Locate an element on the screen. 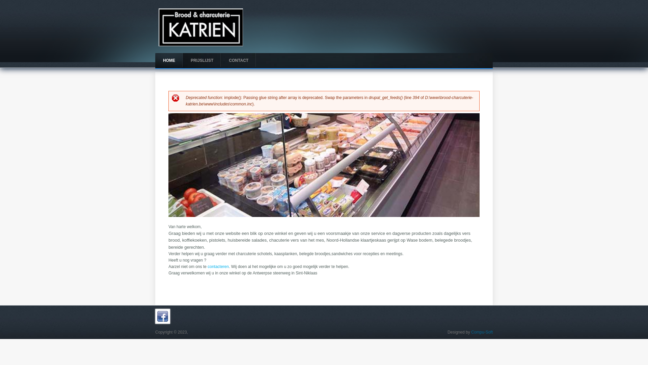 This screenshot has width=648, height=365. 'PRIJSLIJST' is located at coordinates (201, 60).